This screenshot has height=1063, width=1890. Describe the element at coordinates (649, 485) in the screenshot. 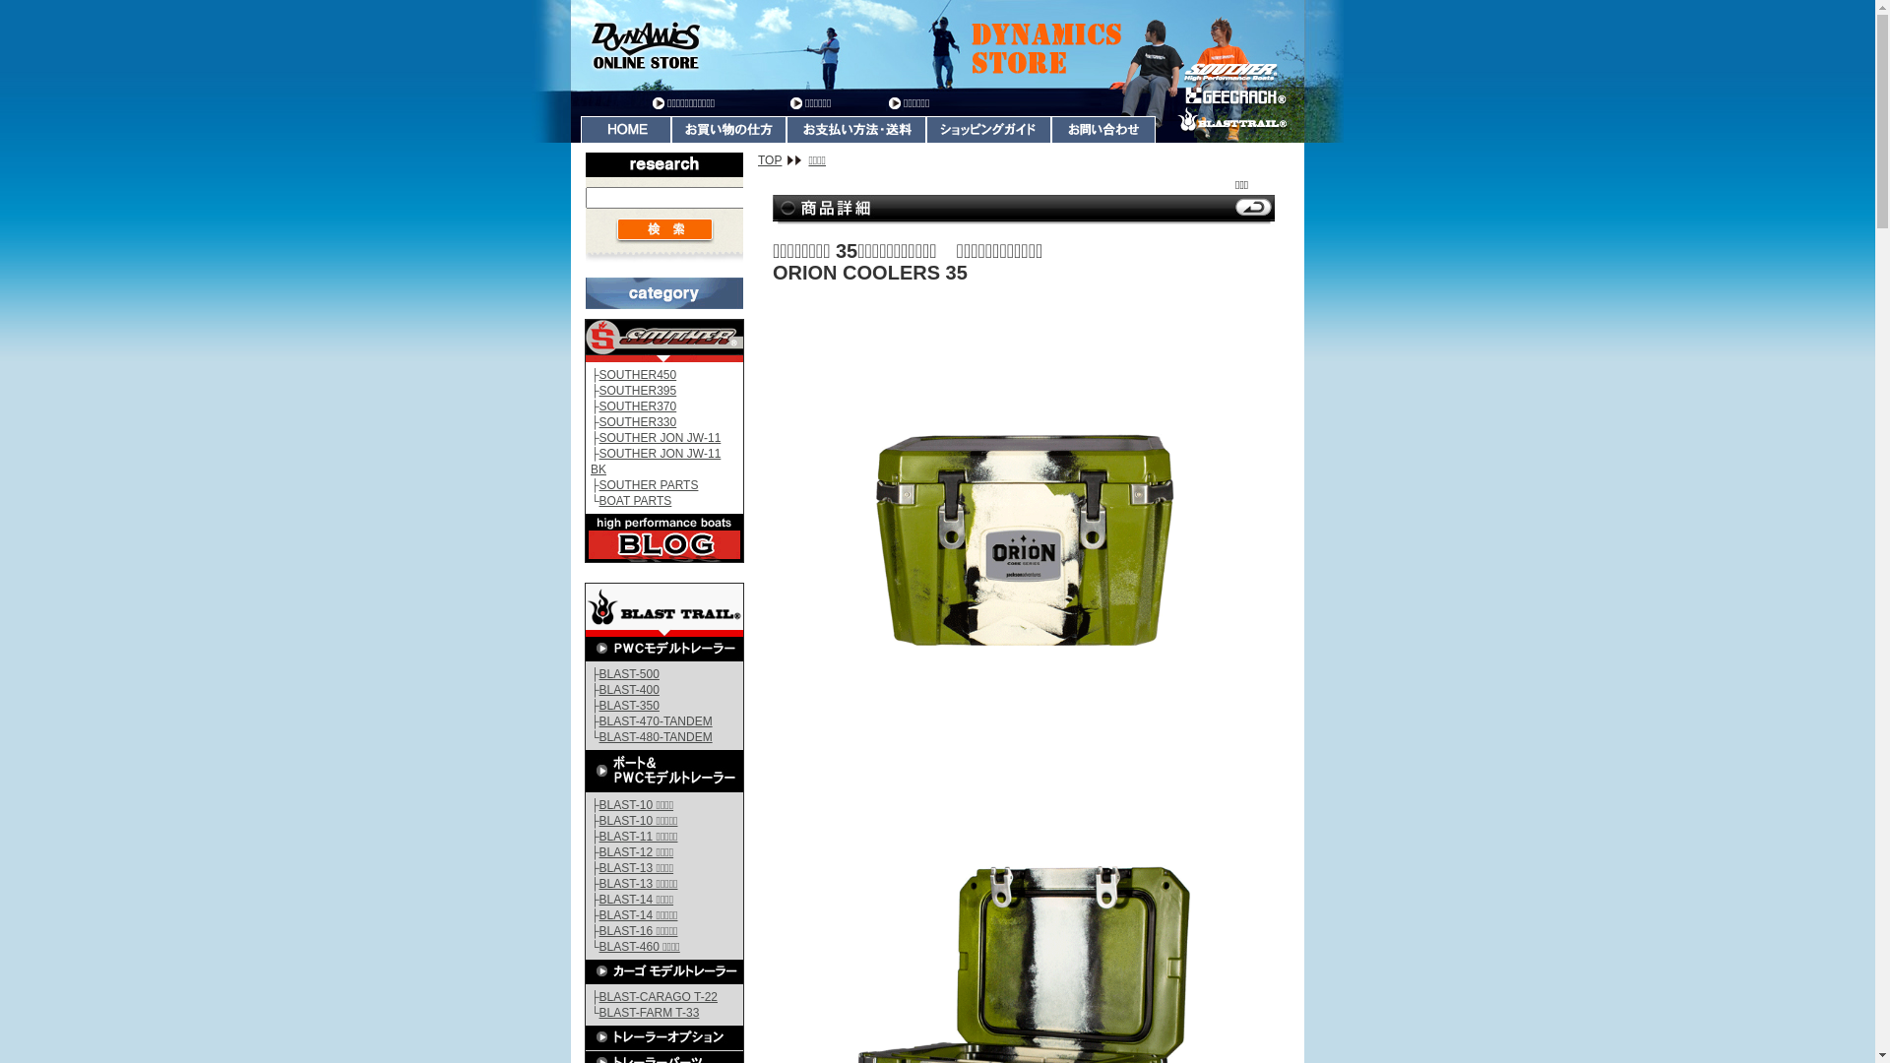

I see `'SOUTHER PARTS'` at that location.